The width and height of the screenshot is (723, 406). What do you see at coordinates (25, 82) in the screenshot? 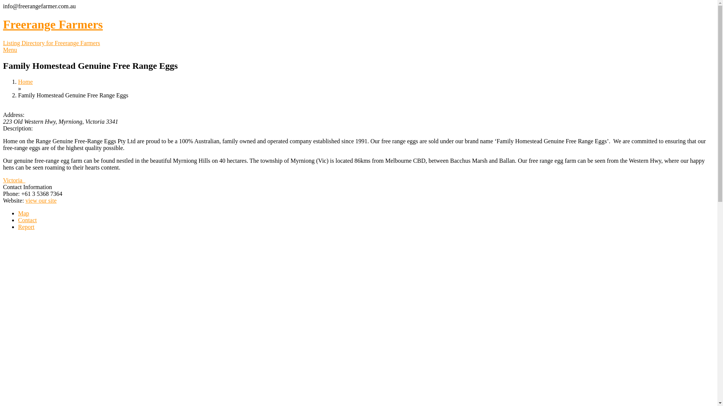
I see `'Home'` at bounding box center [25, 82].